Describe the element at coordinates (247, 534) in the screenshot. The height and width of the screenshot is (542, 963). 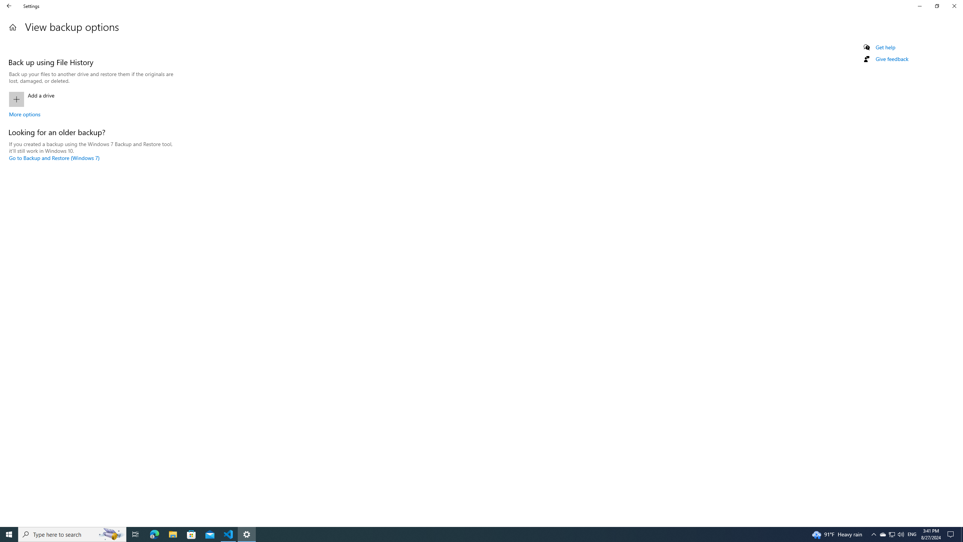
I see `'Settings - 1 running window'` at that location.